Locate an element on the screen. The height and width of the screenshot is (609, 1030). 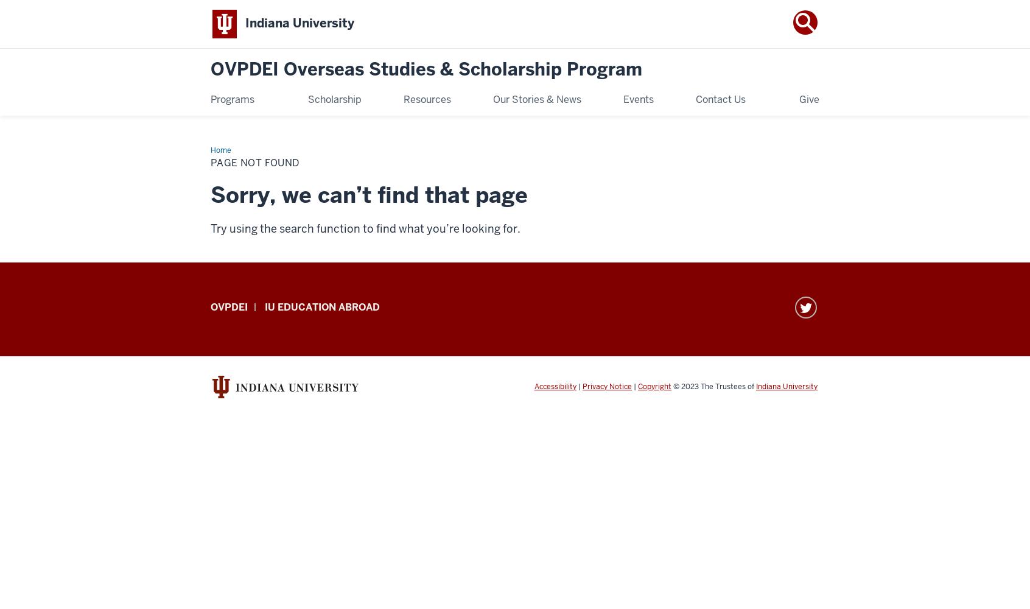
'Programs' is located at coordinates (233, 99).